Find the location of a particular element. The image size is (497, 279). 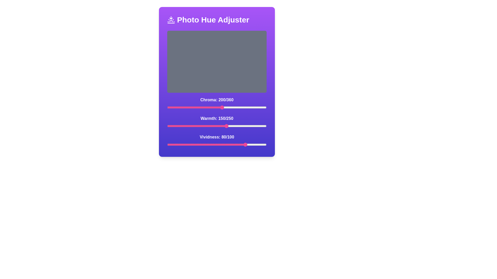

the vividness slider to 51 value is located at coordinates (218, 144).